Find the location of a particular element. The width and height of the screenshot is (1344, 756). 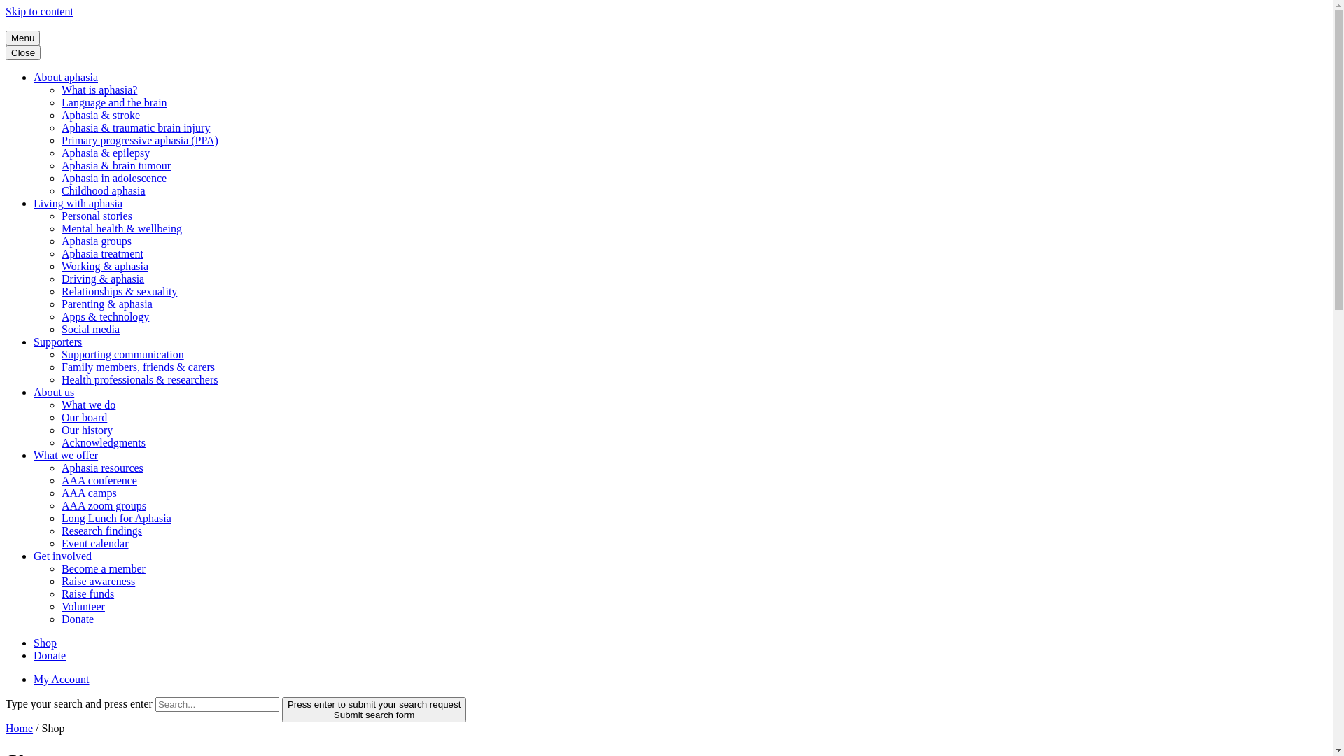

'Donate' is located at coordinates (76, 618).